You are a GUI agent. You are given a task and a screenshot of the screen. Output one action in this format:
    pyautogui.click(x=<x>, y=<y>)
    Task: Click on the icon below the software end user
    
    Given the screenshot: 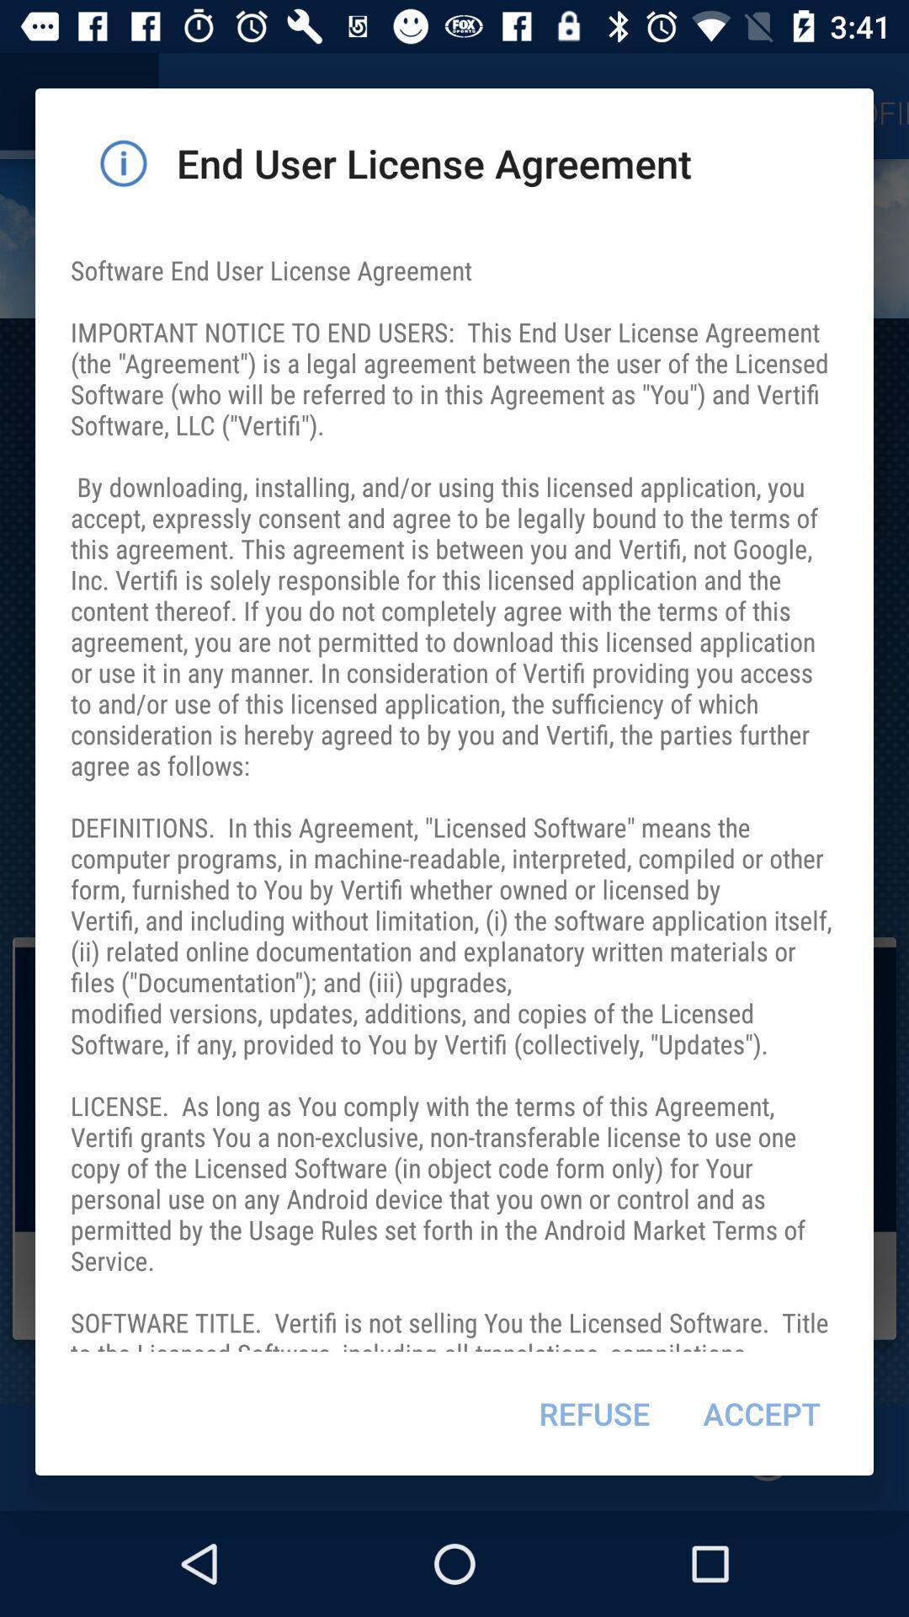 What is the action you would take?
    pyautogui.click(x=593, y=1413)
    